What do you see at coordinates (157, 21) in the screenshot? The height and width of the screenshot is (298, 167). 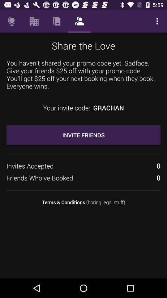 I see `the item above you haven t` at bounding box center [157, 21].